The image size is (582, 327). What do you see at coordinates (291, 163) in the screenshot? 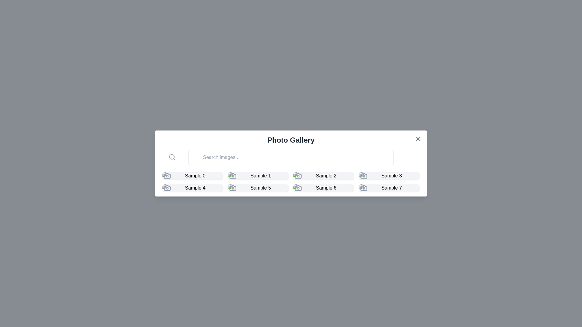
I see `the input field of the photo gallery modal window to type a search query` at bounding box center [291, 163].